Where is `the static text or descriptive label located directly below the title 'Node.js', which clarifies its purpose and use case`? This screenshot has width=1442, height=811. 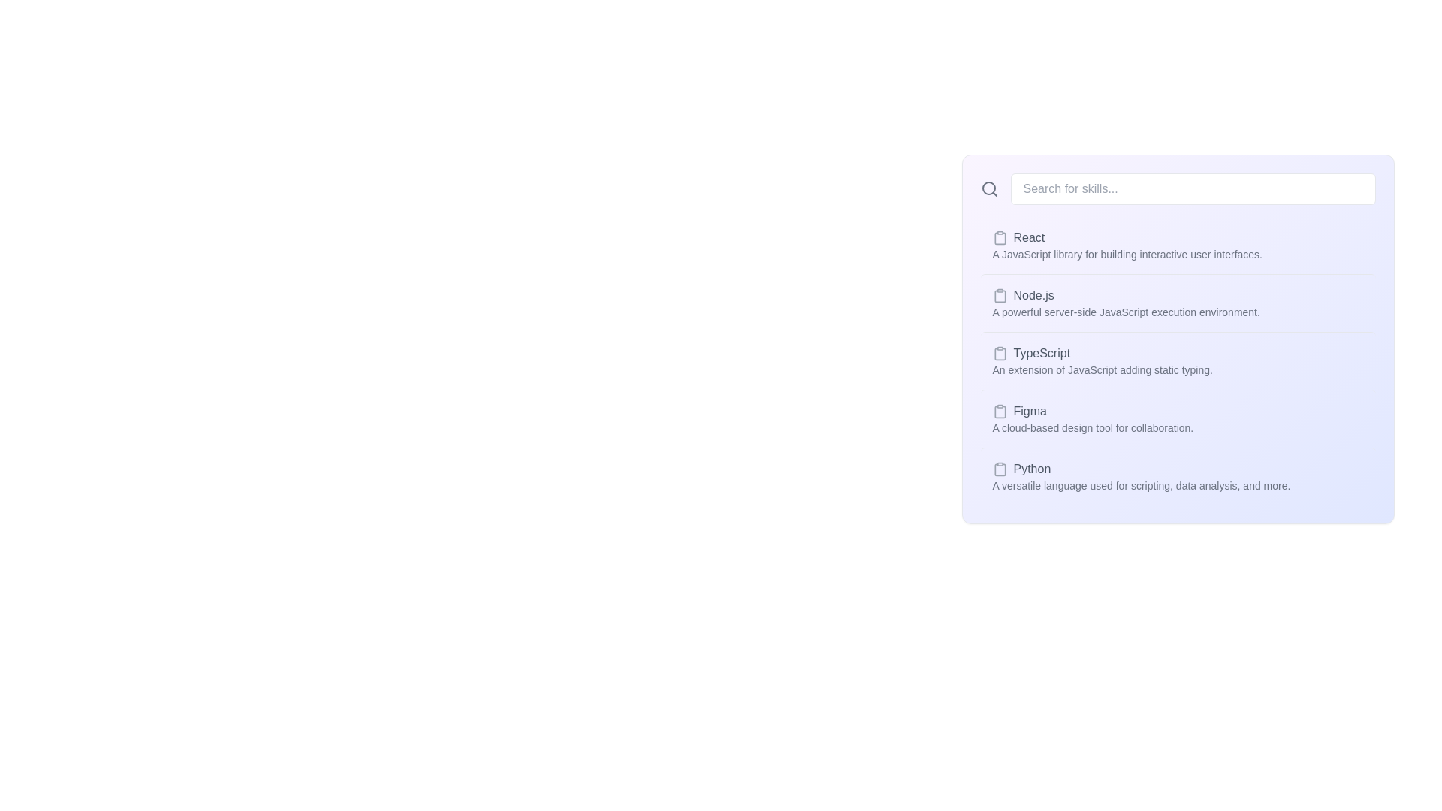 the static text or descriptive label located directly below the title 'Node.js', which clarifies its purpose and use case is located at coordinates (1126, 312).